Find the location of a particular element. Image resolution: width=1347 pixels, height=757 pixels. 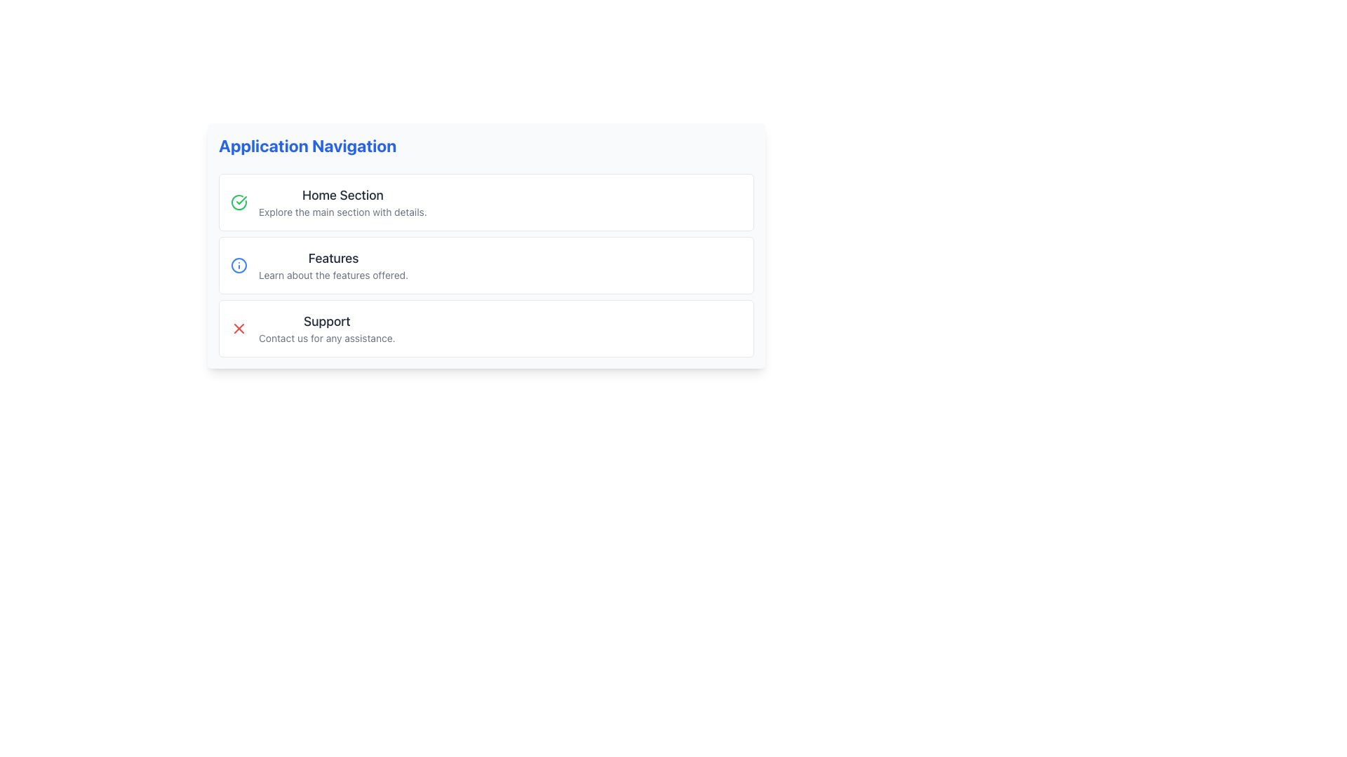

the green circular checkmark icon is located at coordinates (239, 203).